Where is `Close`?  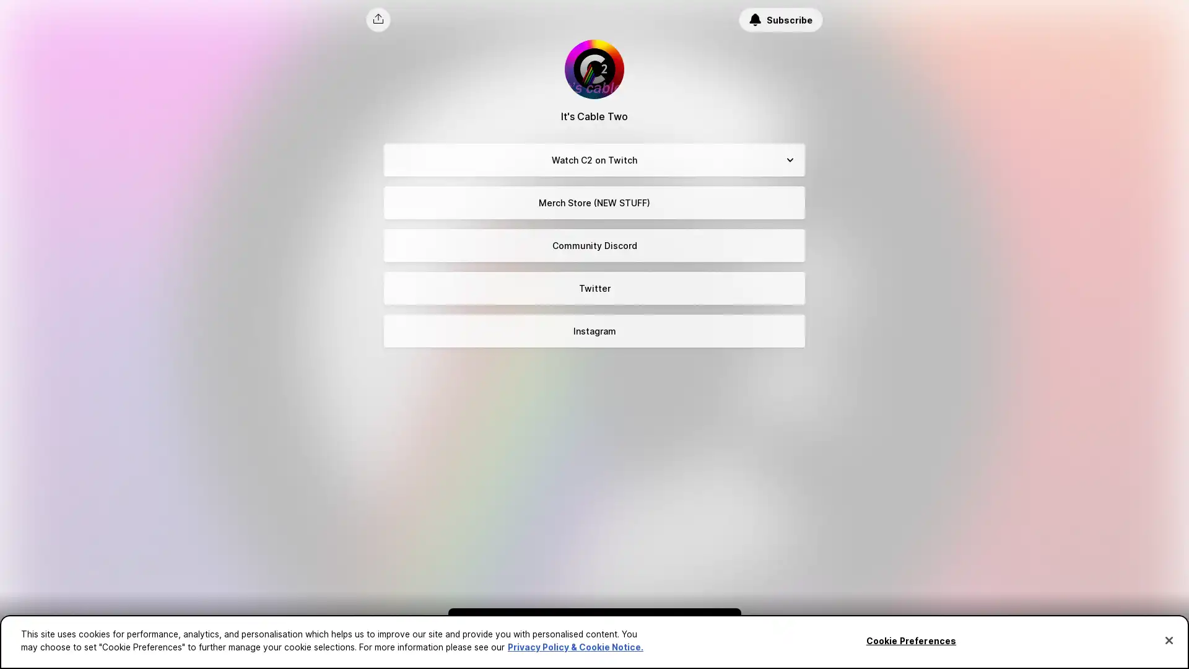 Close is located at coordinates (1168, 640).